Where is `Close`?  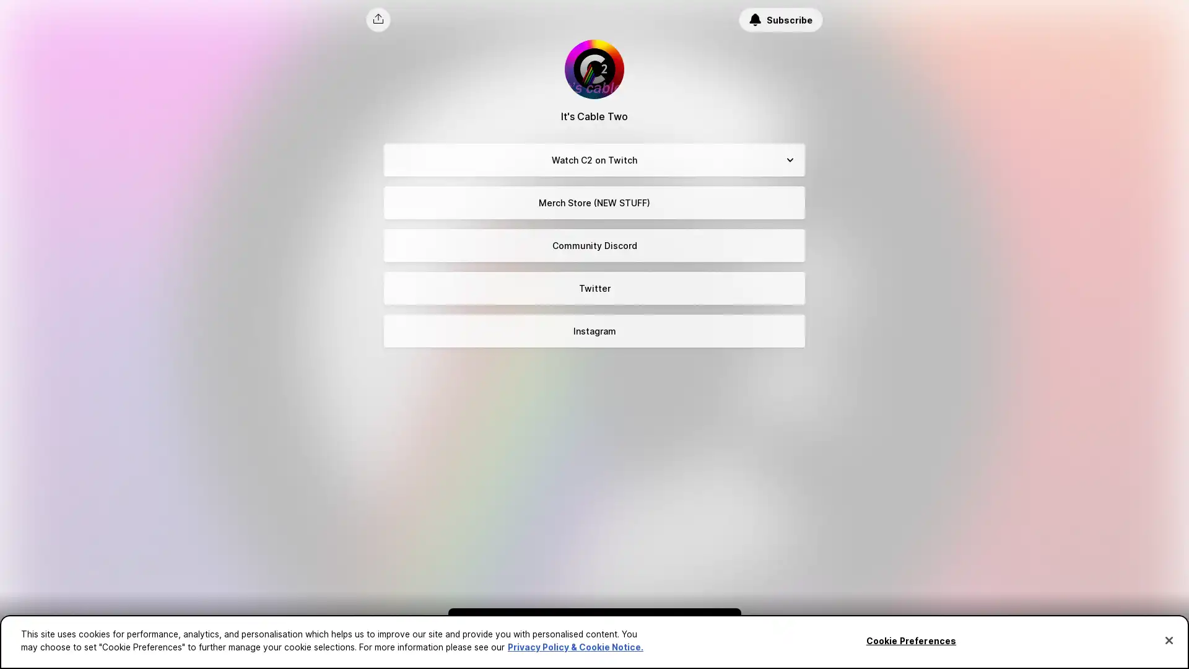 Close is located at coordinates (1168, 640).